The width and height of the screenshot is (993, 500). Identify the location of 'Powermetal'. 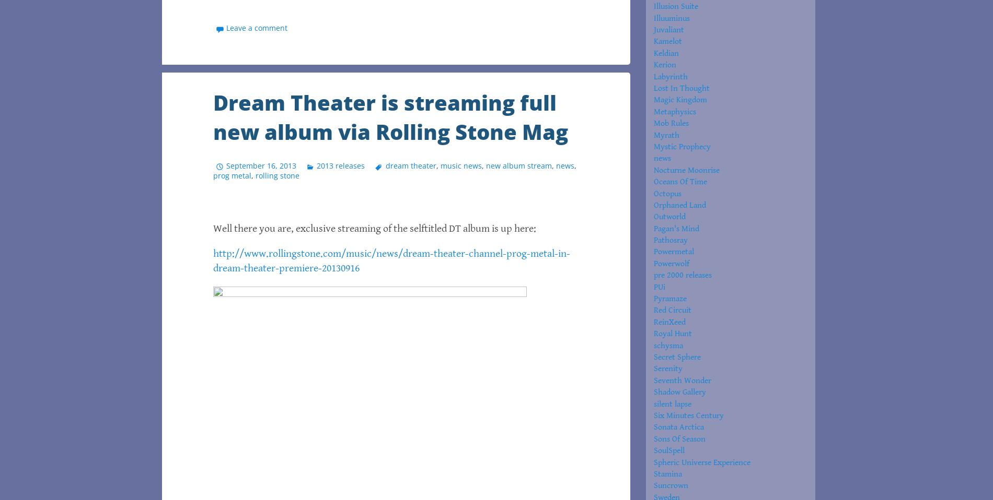
(673, 251).